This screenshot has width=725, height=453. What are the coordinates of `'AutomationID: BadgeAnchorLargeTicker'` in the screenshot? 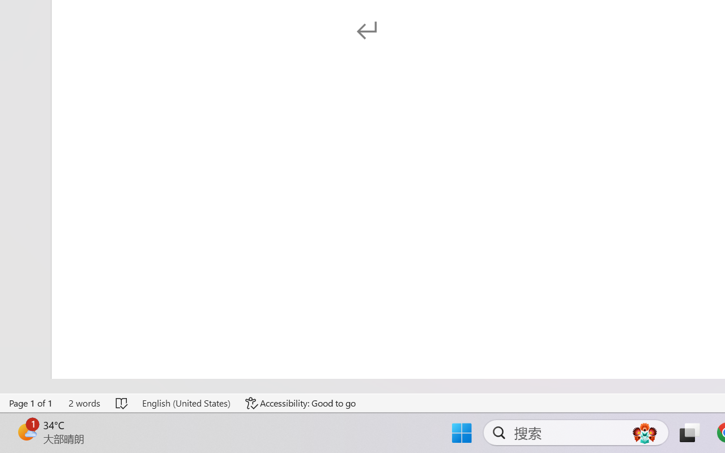 It's located at (26, 431).